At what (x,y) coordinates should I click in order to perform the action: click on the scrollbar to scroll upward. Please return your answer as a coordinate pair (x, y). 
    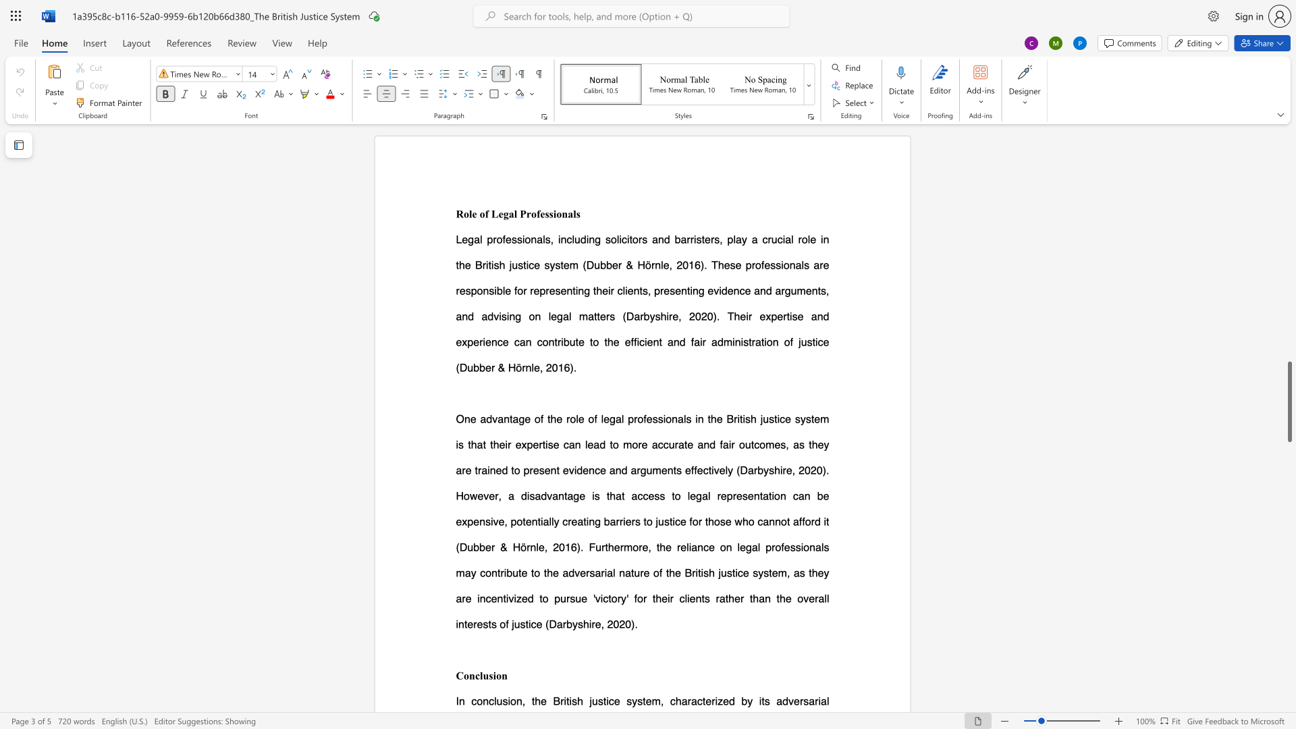
    Looking at the image, I should click on (1289, 283).